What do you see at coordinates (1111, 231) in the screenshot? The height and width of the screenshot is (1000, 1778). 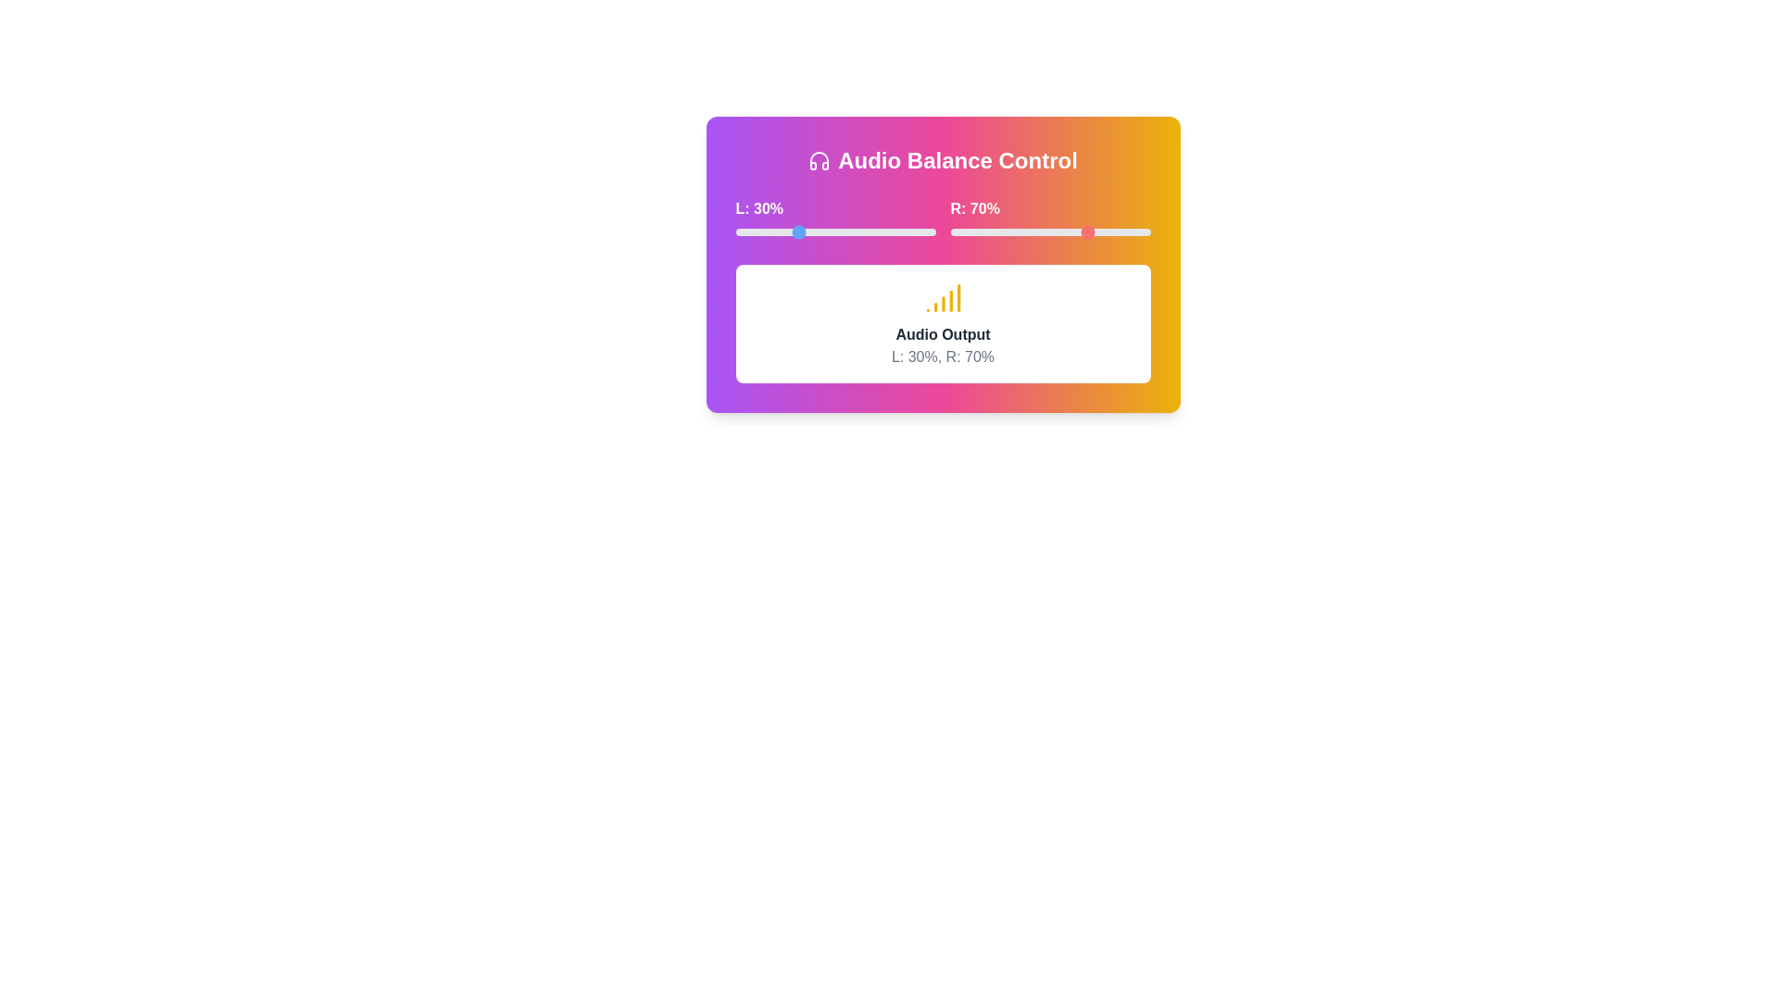 I see `the right volume slider to 81%` at bounding box center [1111, 231].